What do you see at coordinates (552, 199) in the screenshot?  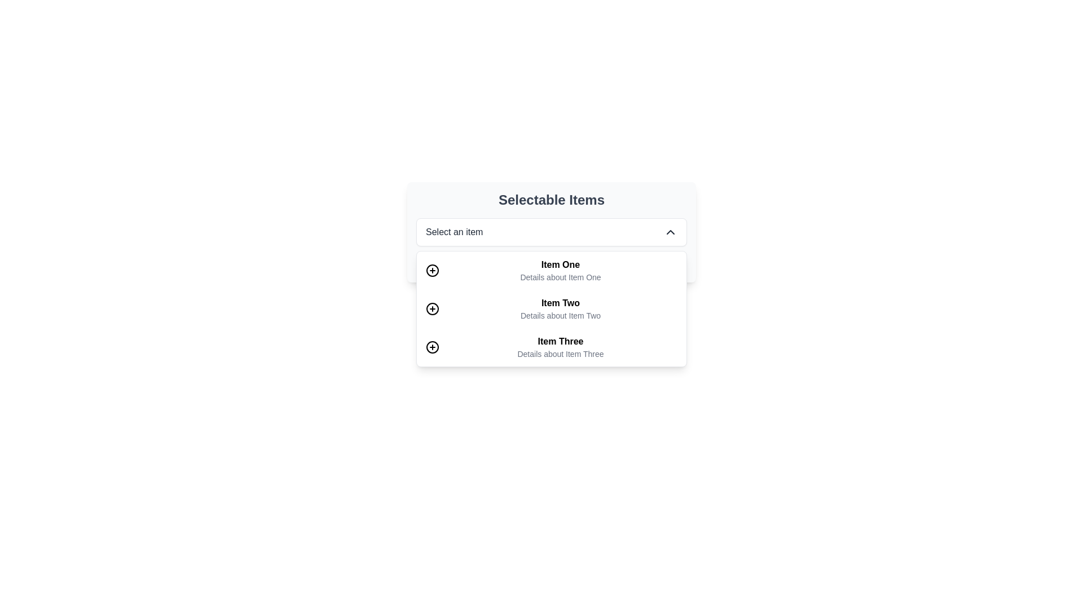 I see `the text label reading 'Selectable Items' which is prominently displayed at the top of a structured interface` at bounding box center [552, 199].